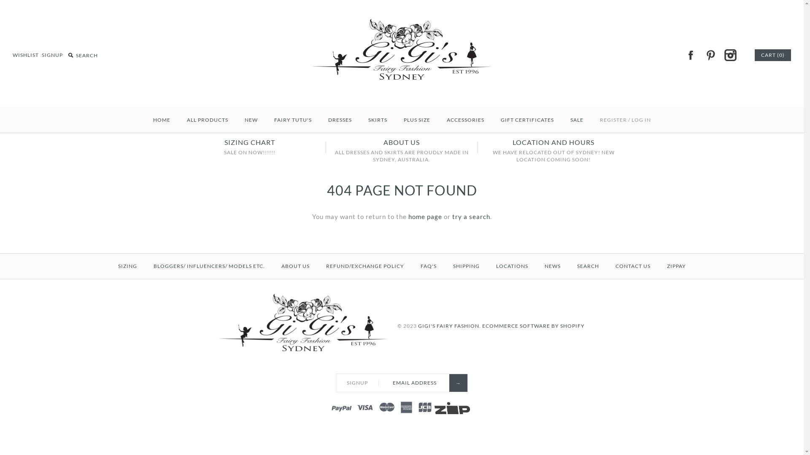 This screenshot has width=810, height=455. Describe the element at coordinates (178, 120) in the screenshot. I see `'ALL PRODUCTS'` at that location.